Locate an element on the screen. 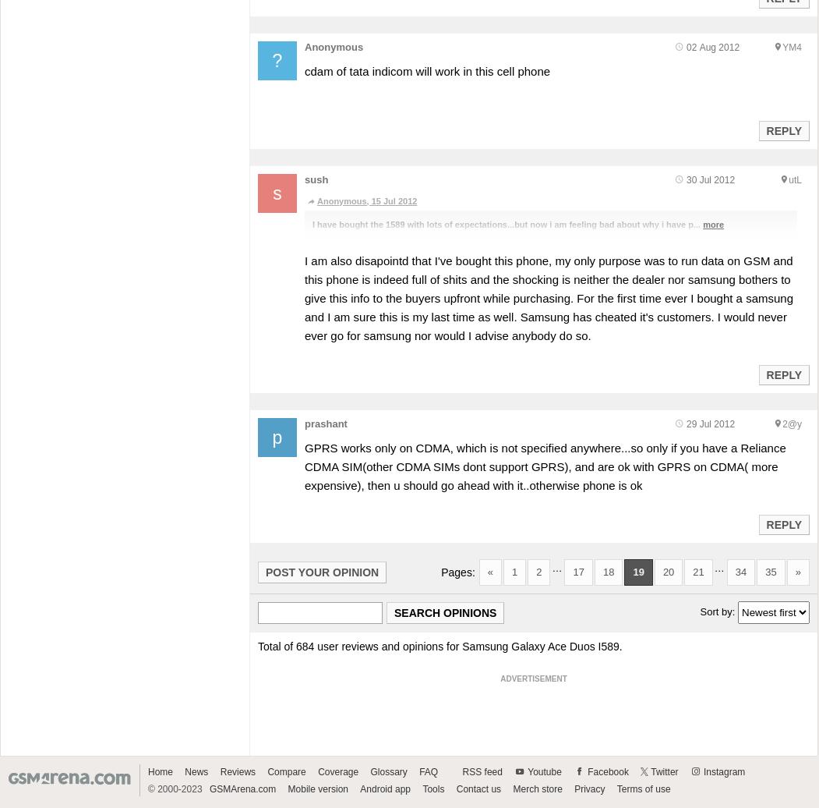 The width and height of the screenshot is (819, 808). 'Total of 684 user reviews and opinions for' is located at coordinates (359, 645).